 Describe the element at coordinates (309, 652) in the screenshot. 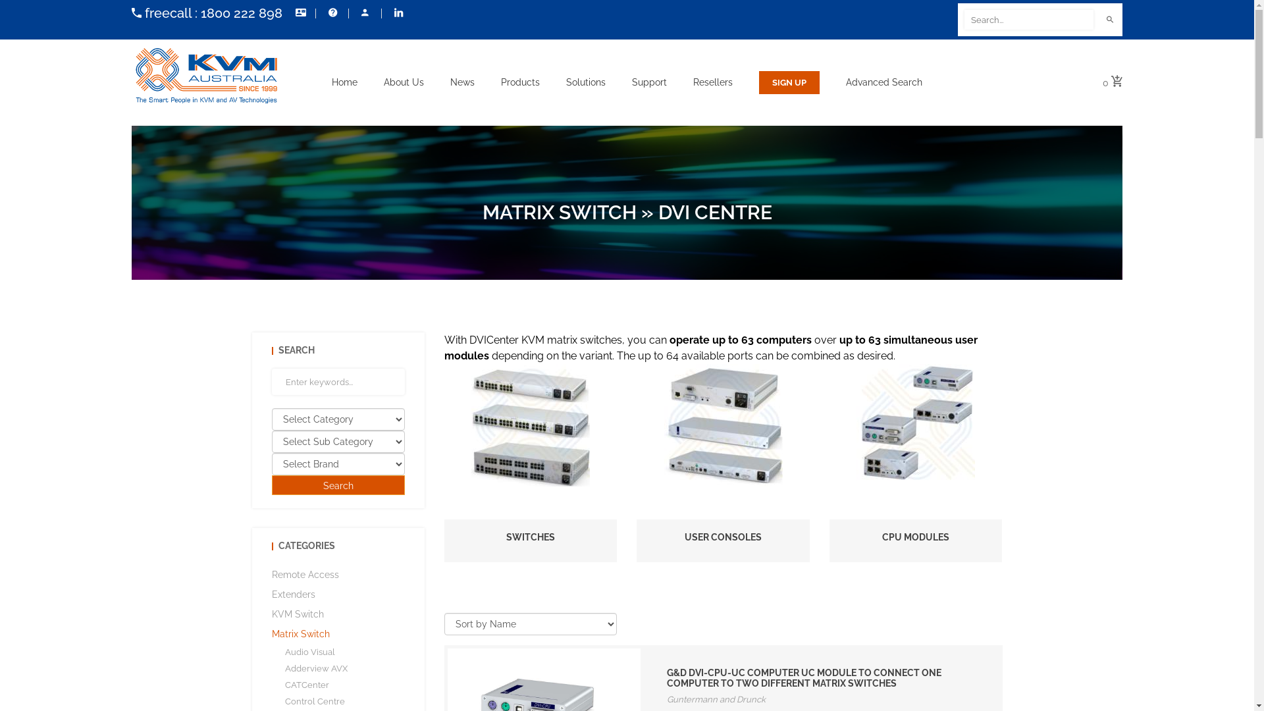

I see `'Audio Visual'` at that location.